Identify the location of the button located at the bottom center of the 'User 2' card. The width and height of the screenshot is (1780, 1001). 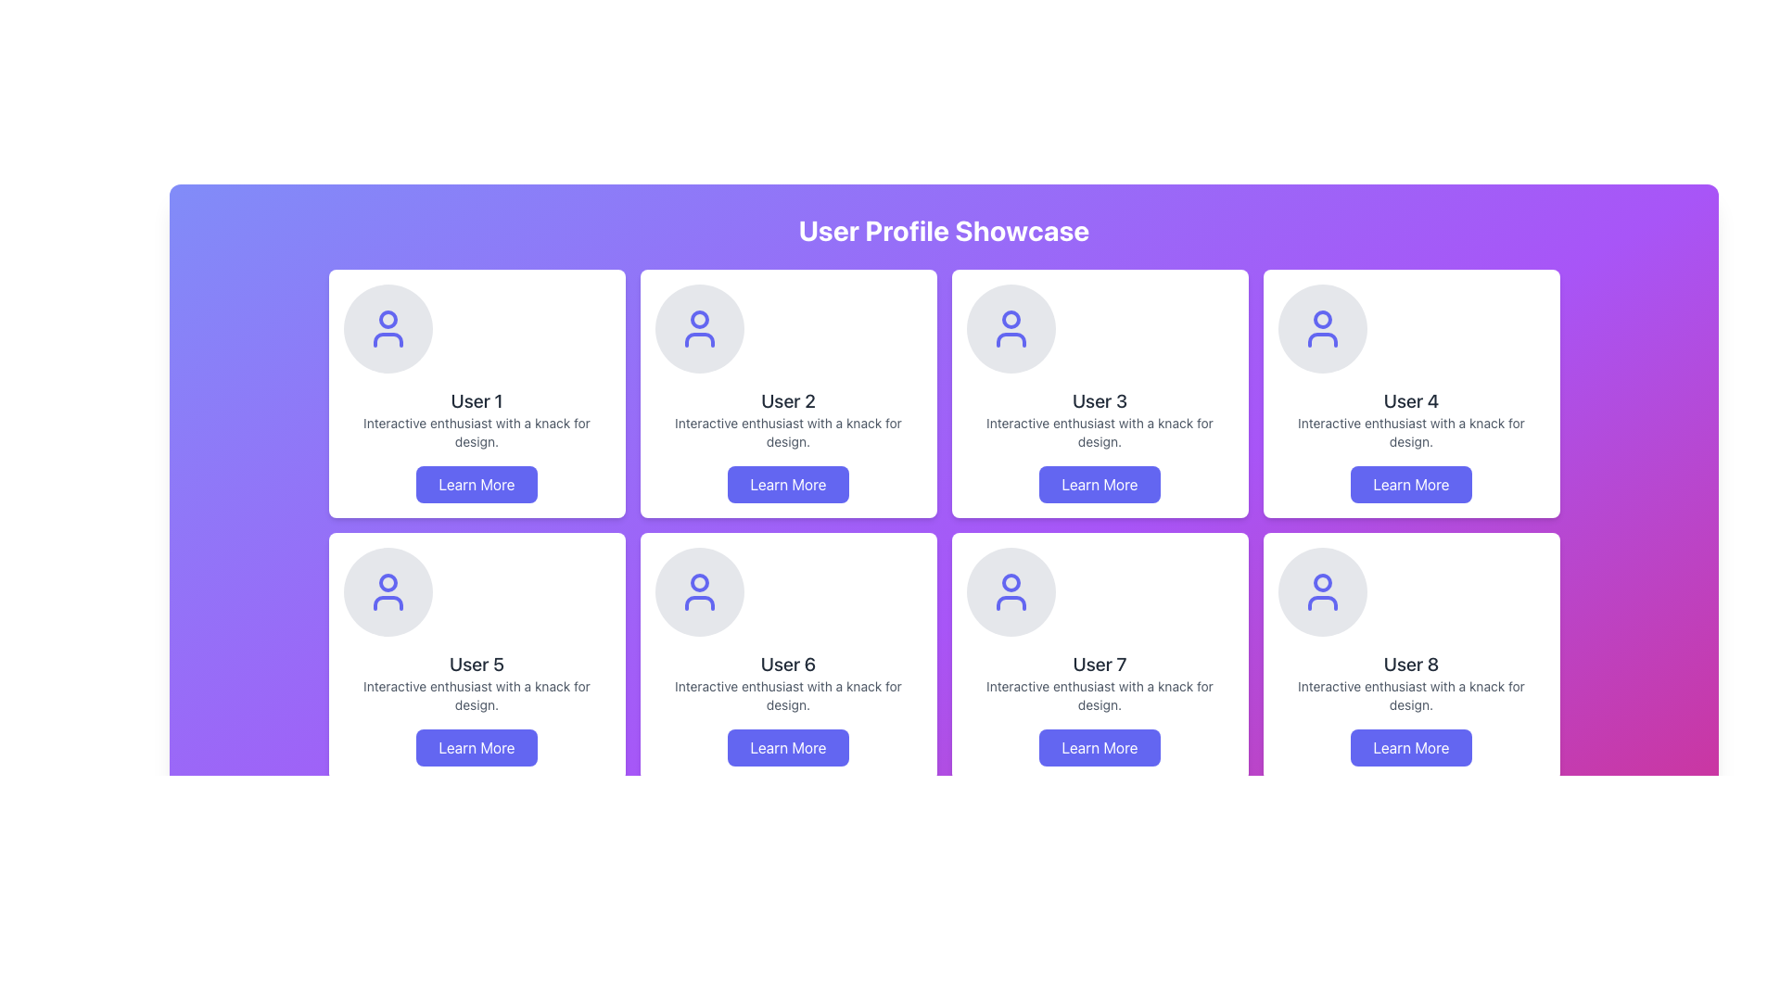
(788, 484).